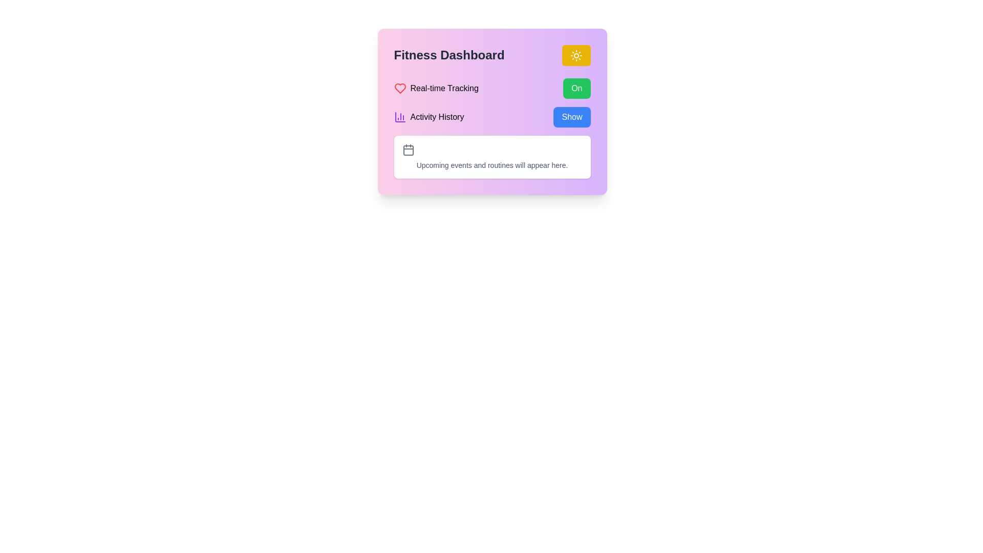 Image resolution: width=983 pixels, height=553 pixels. What do you see at coordinates (436, 88) in the screenshot?
I see `the 'Real-time Tracking' text label with a red heart icon, positioned in the upper left segment of the dashboard card, adjacent to the green 'On' button` at bounding box center [436, 88].